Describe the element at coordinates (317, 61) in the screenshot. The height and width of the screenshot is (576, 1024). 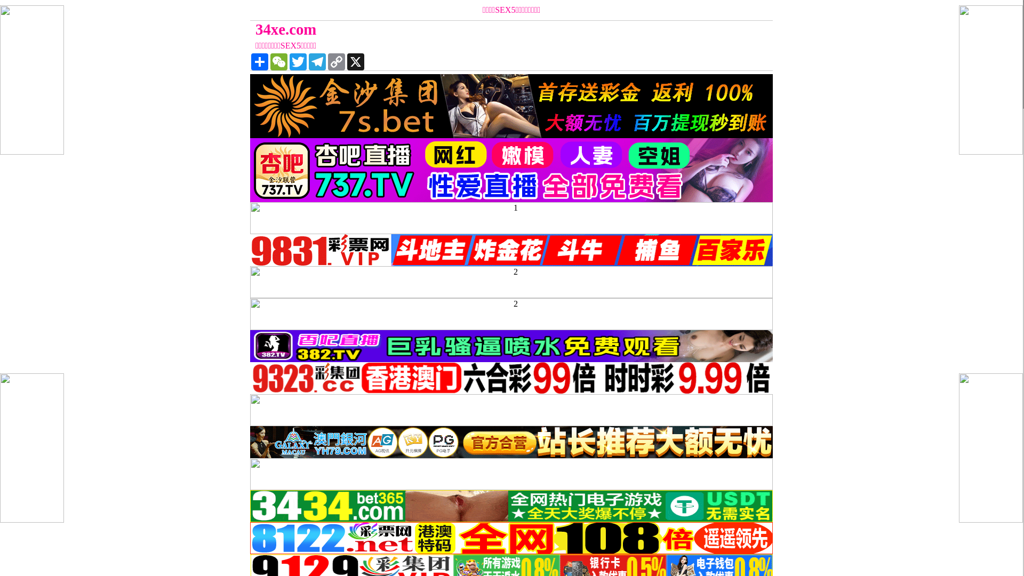
I see `'Telegram'` at that location.